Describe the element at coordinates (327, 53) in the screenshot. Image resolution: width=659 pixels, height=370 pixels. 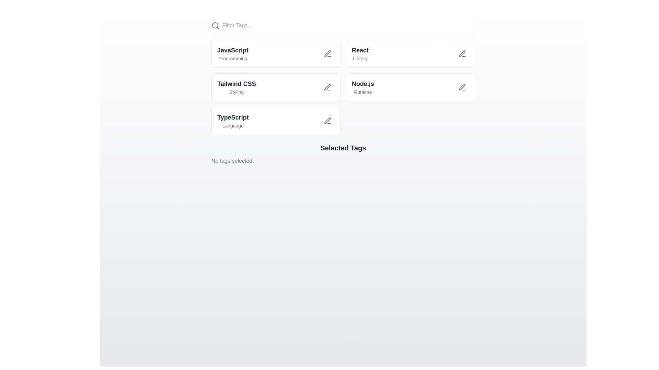
I see `the edit button located to the right of the 'JavaScript Programming' item to initiate editing` at that location.